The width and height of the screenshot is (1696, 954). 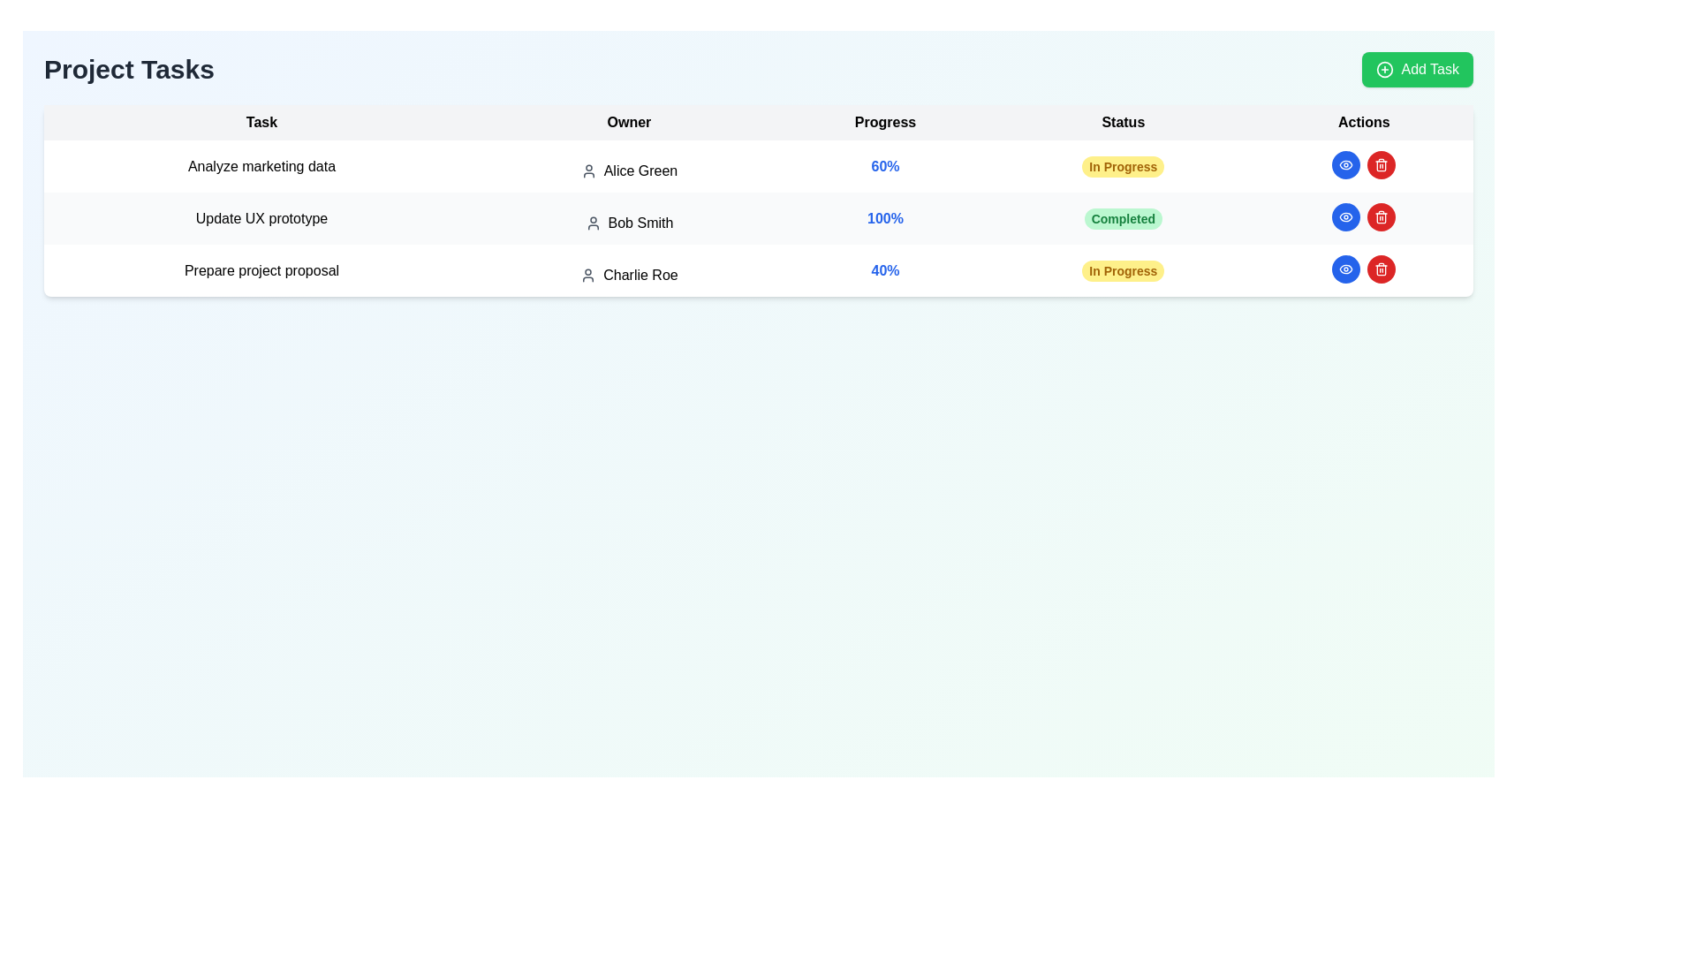 What do you see at coordinates (1122, 121) in the screenshot?
I see `the static non-interactive header labeled 'Status' in the fourth column of the table header, which serves to indicate the status of corresponding tasks` at bounding box center [1122, 121].